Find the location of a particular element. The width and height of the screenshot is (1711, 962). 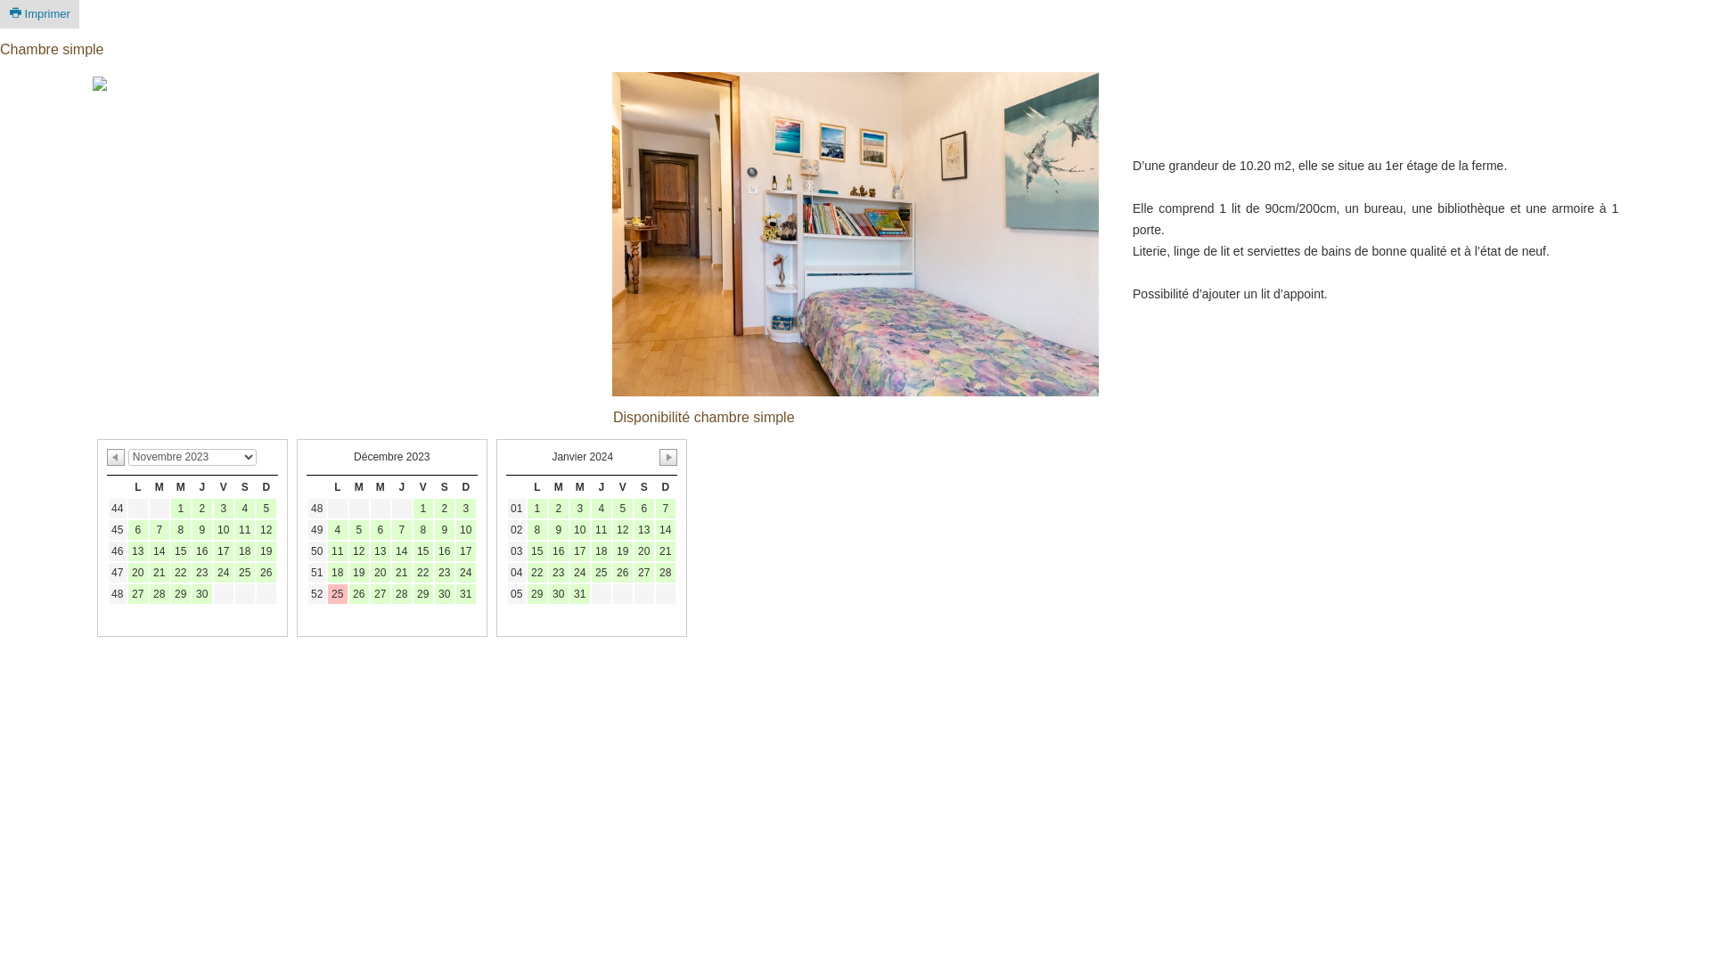

'Imprimer' is located at coordinates (39, 13).